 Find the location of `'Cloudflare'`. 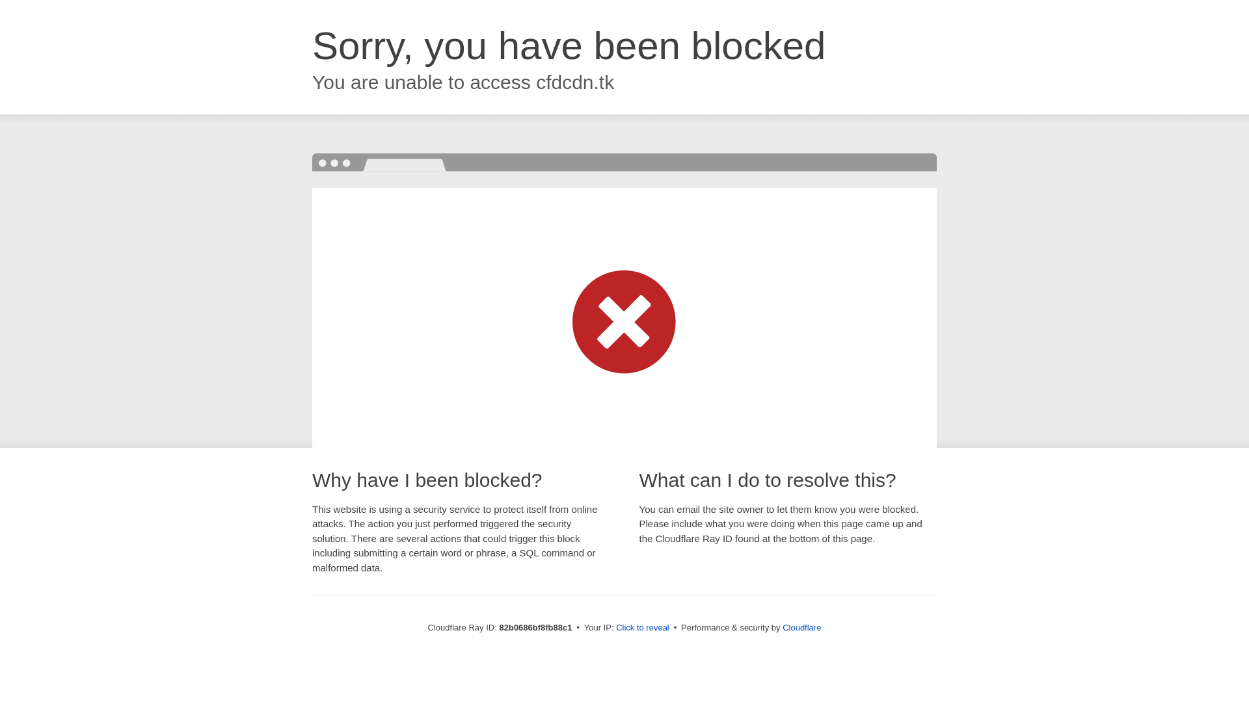

'Cloudflare' is located at coordinates (801, 627).